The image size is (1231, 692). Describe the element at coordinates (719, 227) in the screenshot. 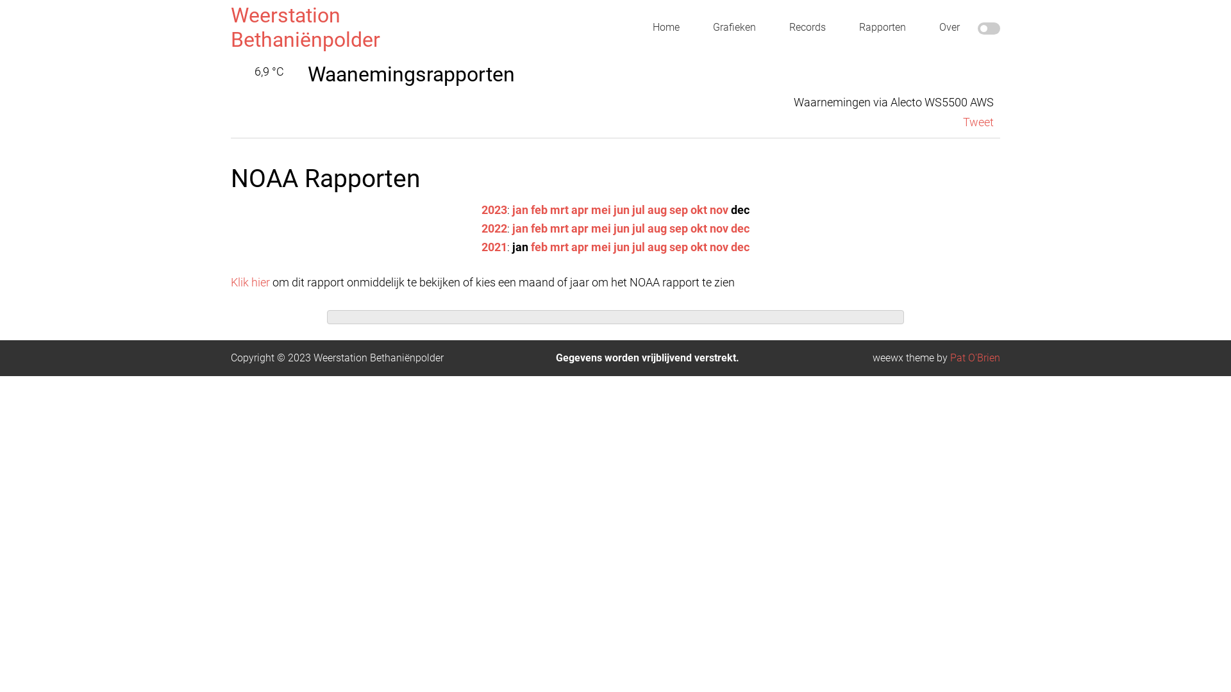

I see `'nov'` at that location.